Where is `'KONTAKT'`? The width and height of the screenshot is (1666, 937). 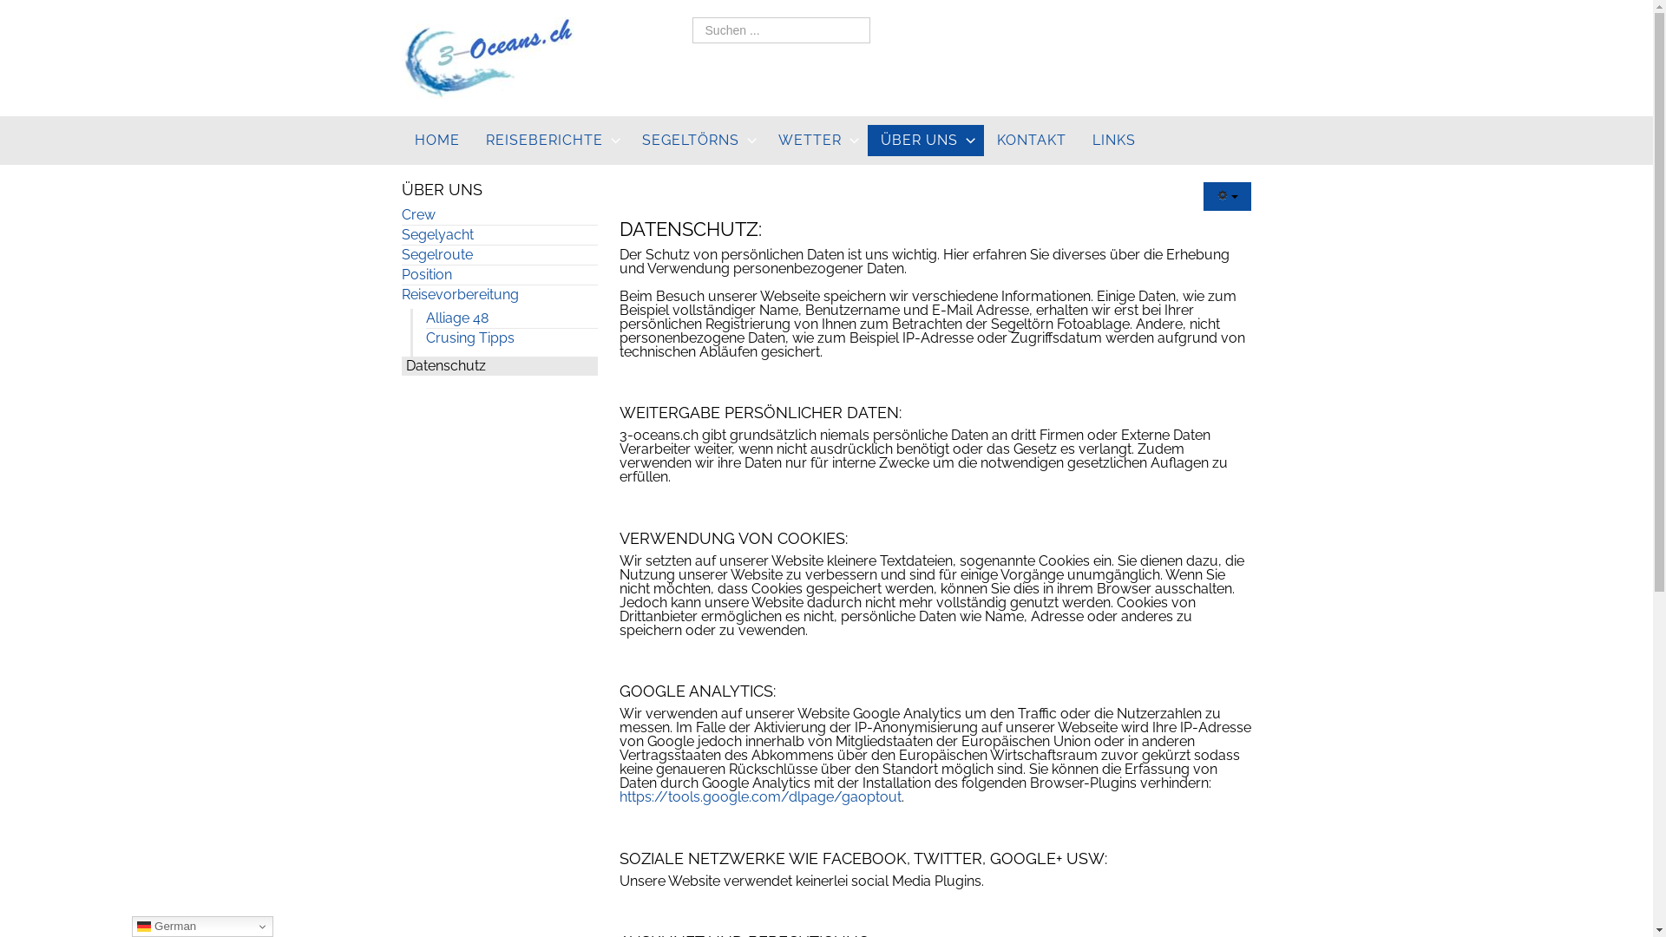 'KONTAKT' is located at coordinates (1032, 140).